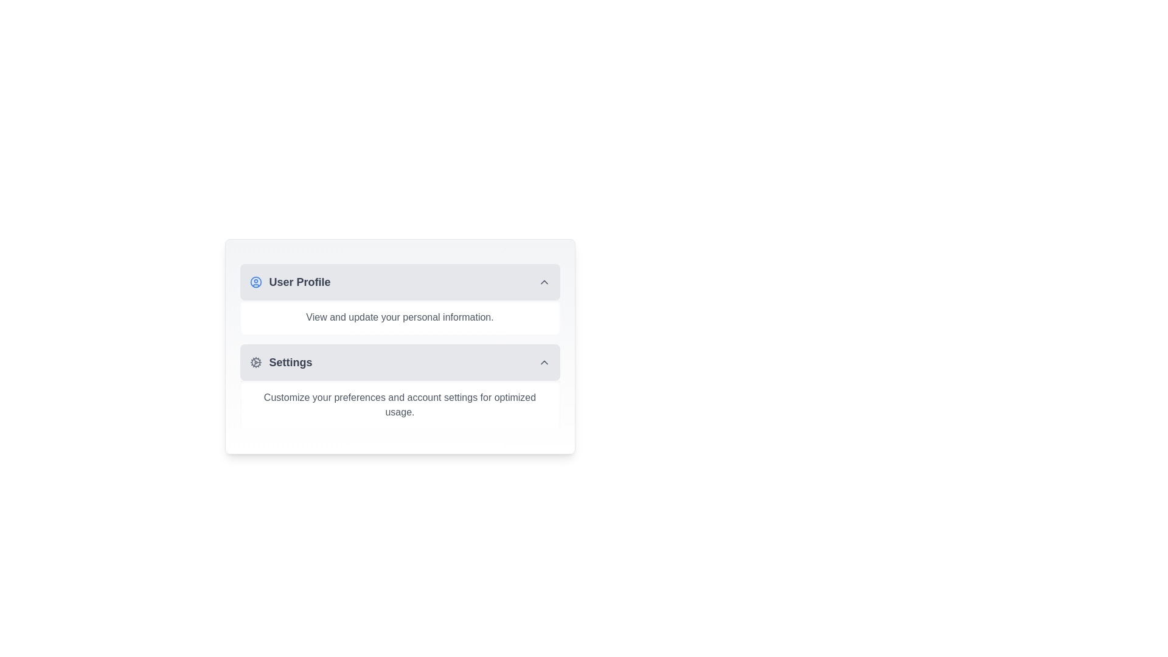 This screenshot has height=657, width=1168. Describe the element at coordinates (400, 316) in the screenshot. I see `text label displaying 'View and update your personal information.' located below the 'User Profile' text, which is in gray font on a white background` at that location.